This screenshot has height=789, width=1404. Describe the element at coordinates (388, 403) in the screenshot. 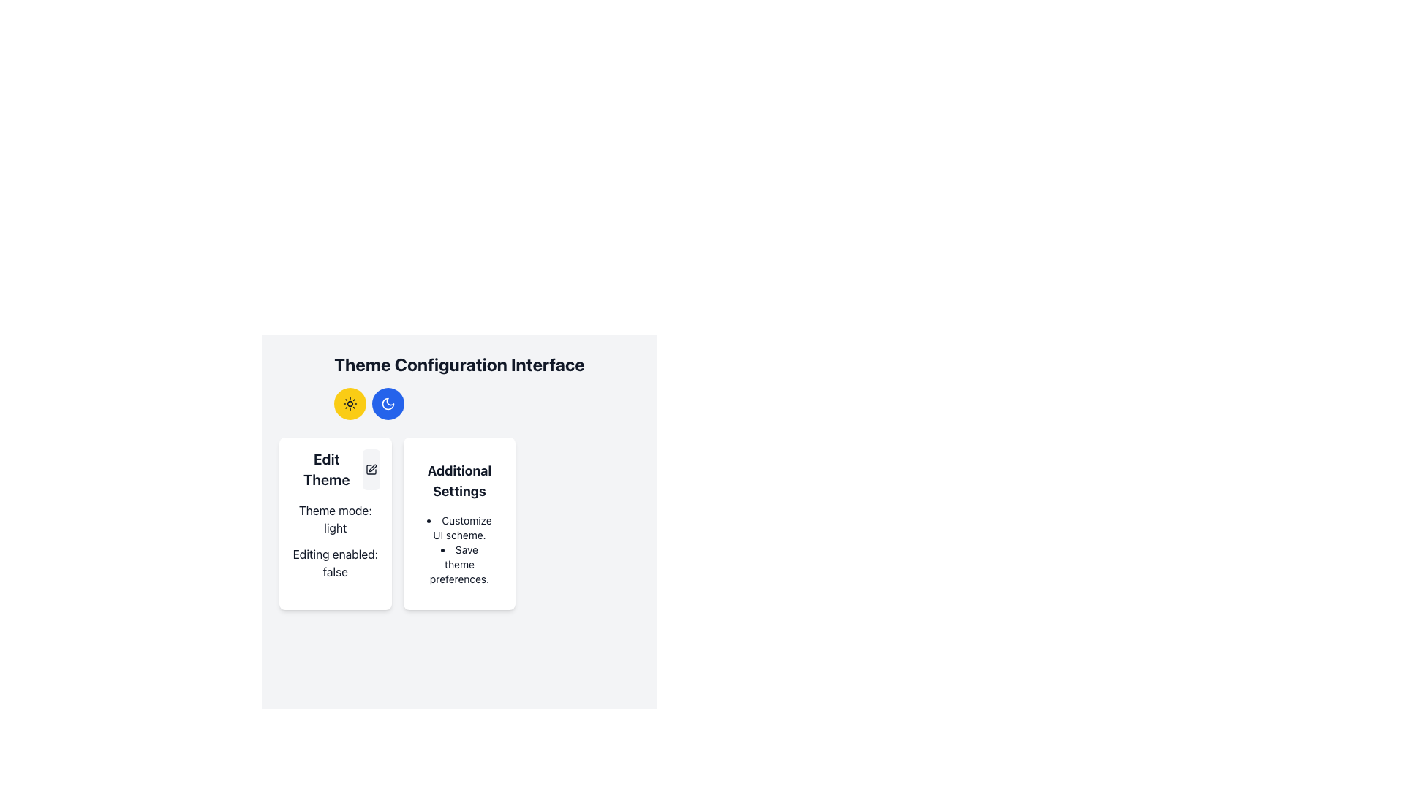

I see `the toggle button for enabling the dark theme located in the Theme Configuration Interface, which is the second button after the yellow sun button` at that location.